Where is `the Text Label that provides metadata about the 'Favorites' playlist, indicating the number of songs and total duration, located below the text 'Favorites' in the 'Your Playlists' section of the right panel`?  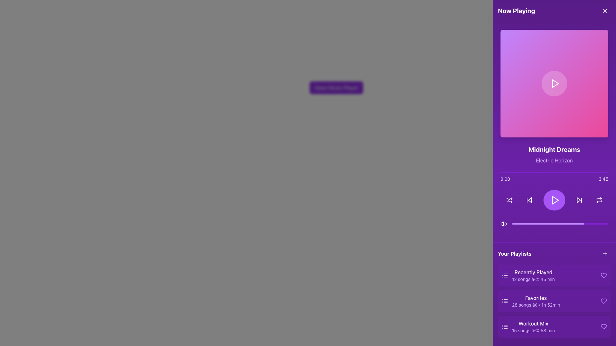 the Text Label that provides metadata about the 'Favorites' playlist, indicating the number of songs and total duration, located below the text 'Favorites' in the 'Your Playlists' section of the right panel is located at coordinates (536, 305).